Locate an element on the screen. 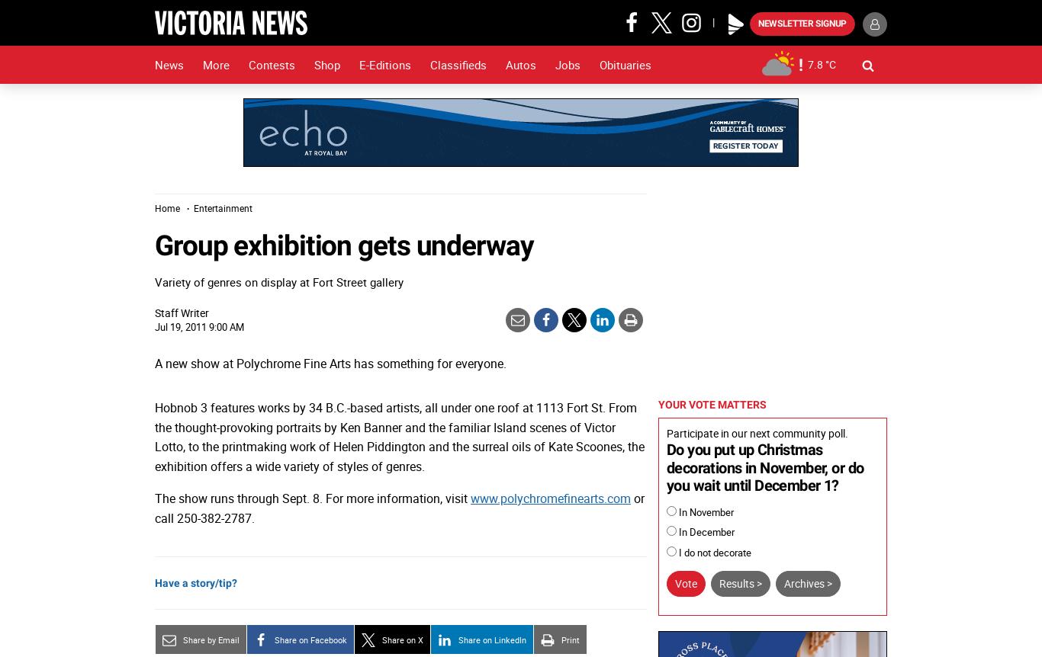 This screenshot has width=1042, height=657. 'In December' is located at coordinates (675, 531).